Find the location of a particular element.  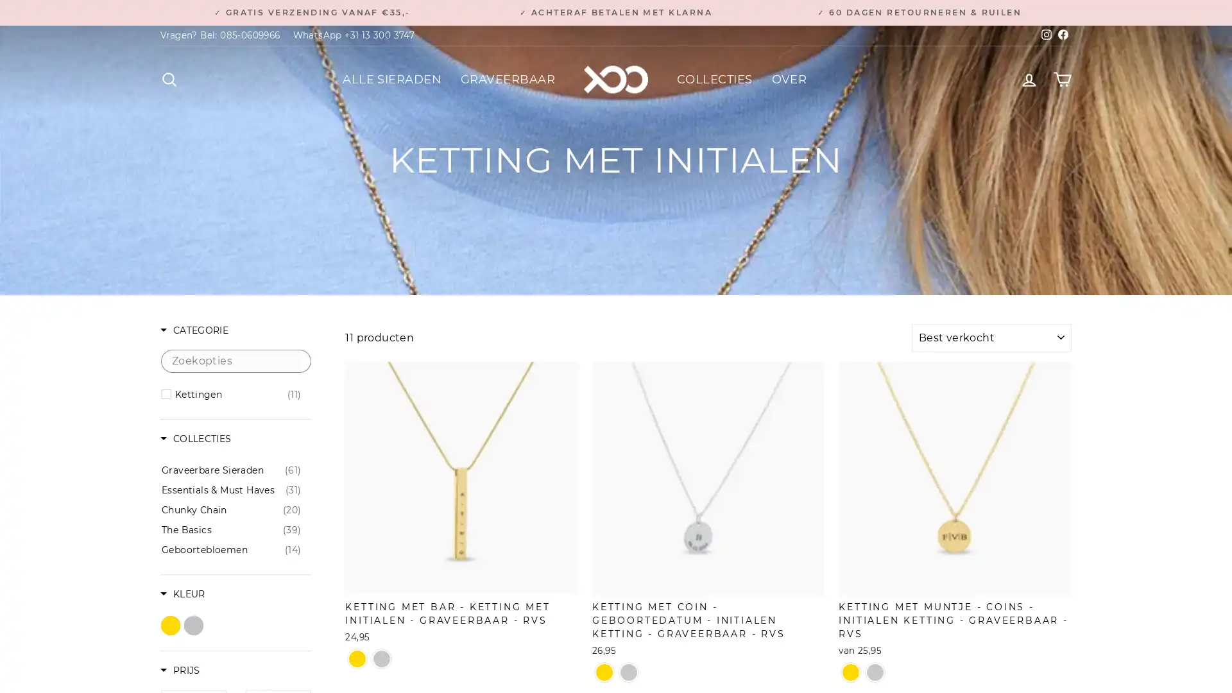

Pauzeer slideshow is located at coordinates (619, 7).